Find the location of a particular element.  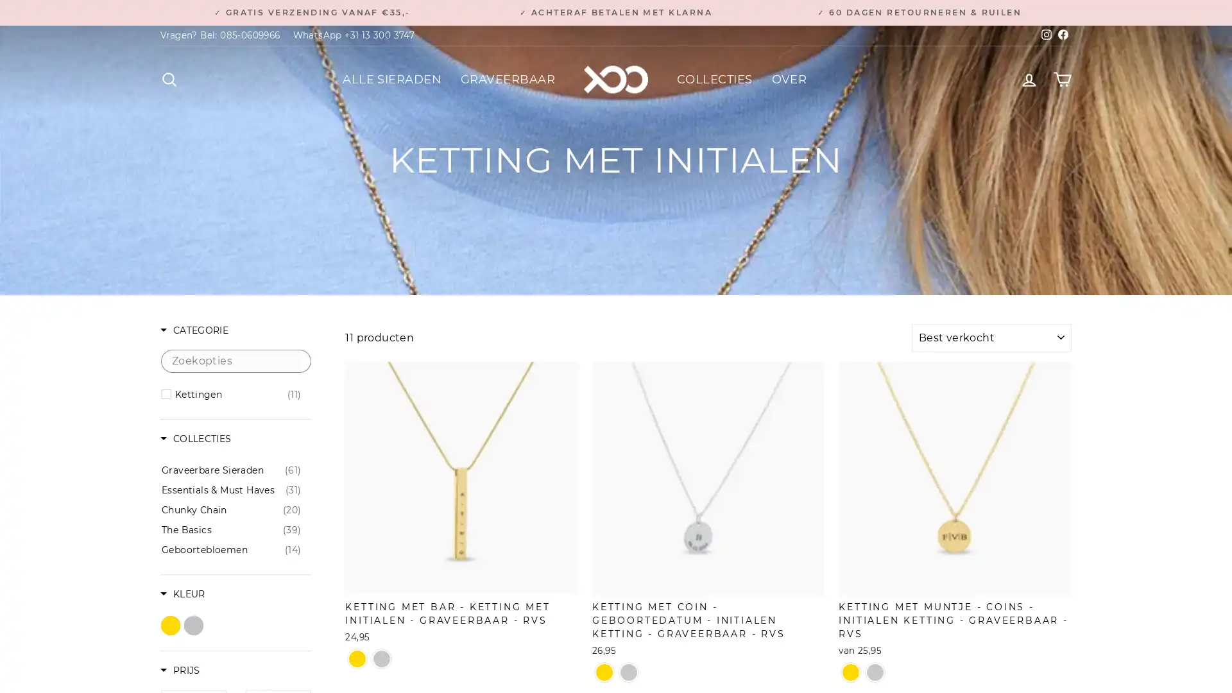

Pauzeer slideshow is located at coordinates (619, 7).